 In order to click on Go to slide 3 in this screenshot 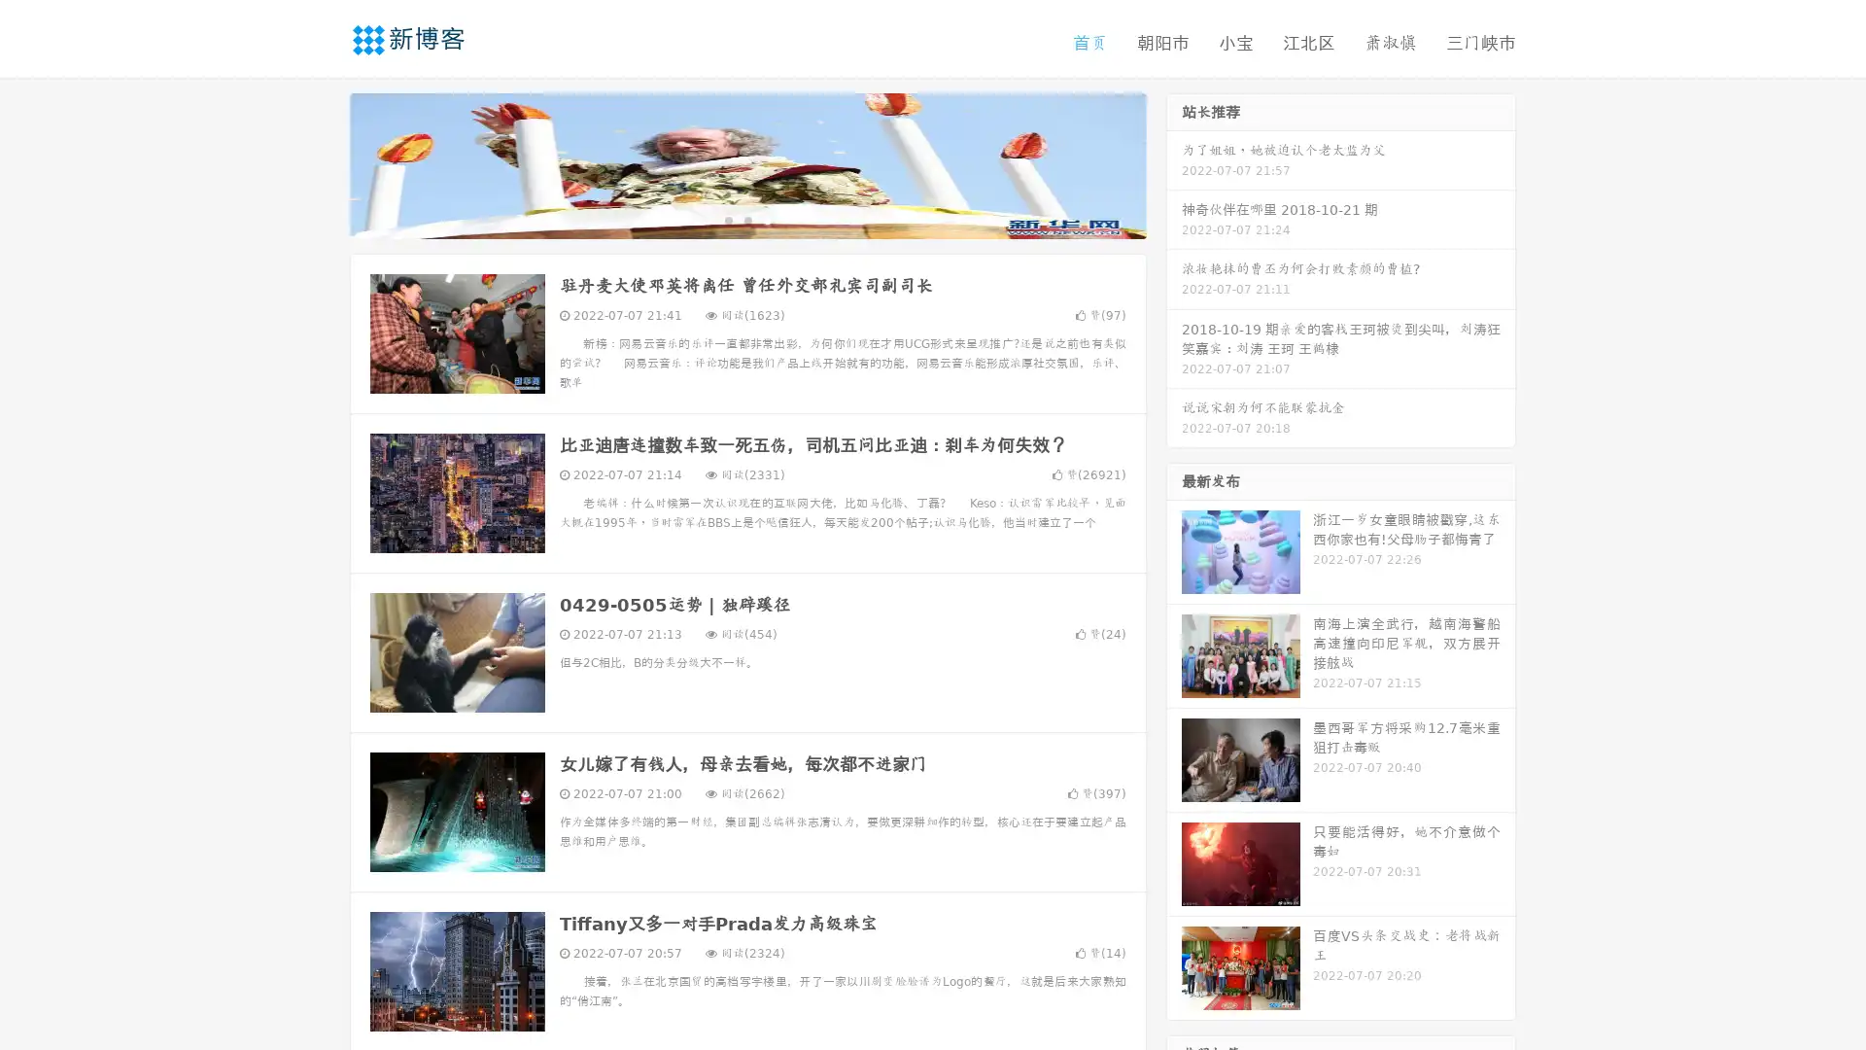, I will do `click(767, 219)`.